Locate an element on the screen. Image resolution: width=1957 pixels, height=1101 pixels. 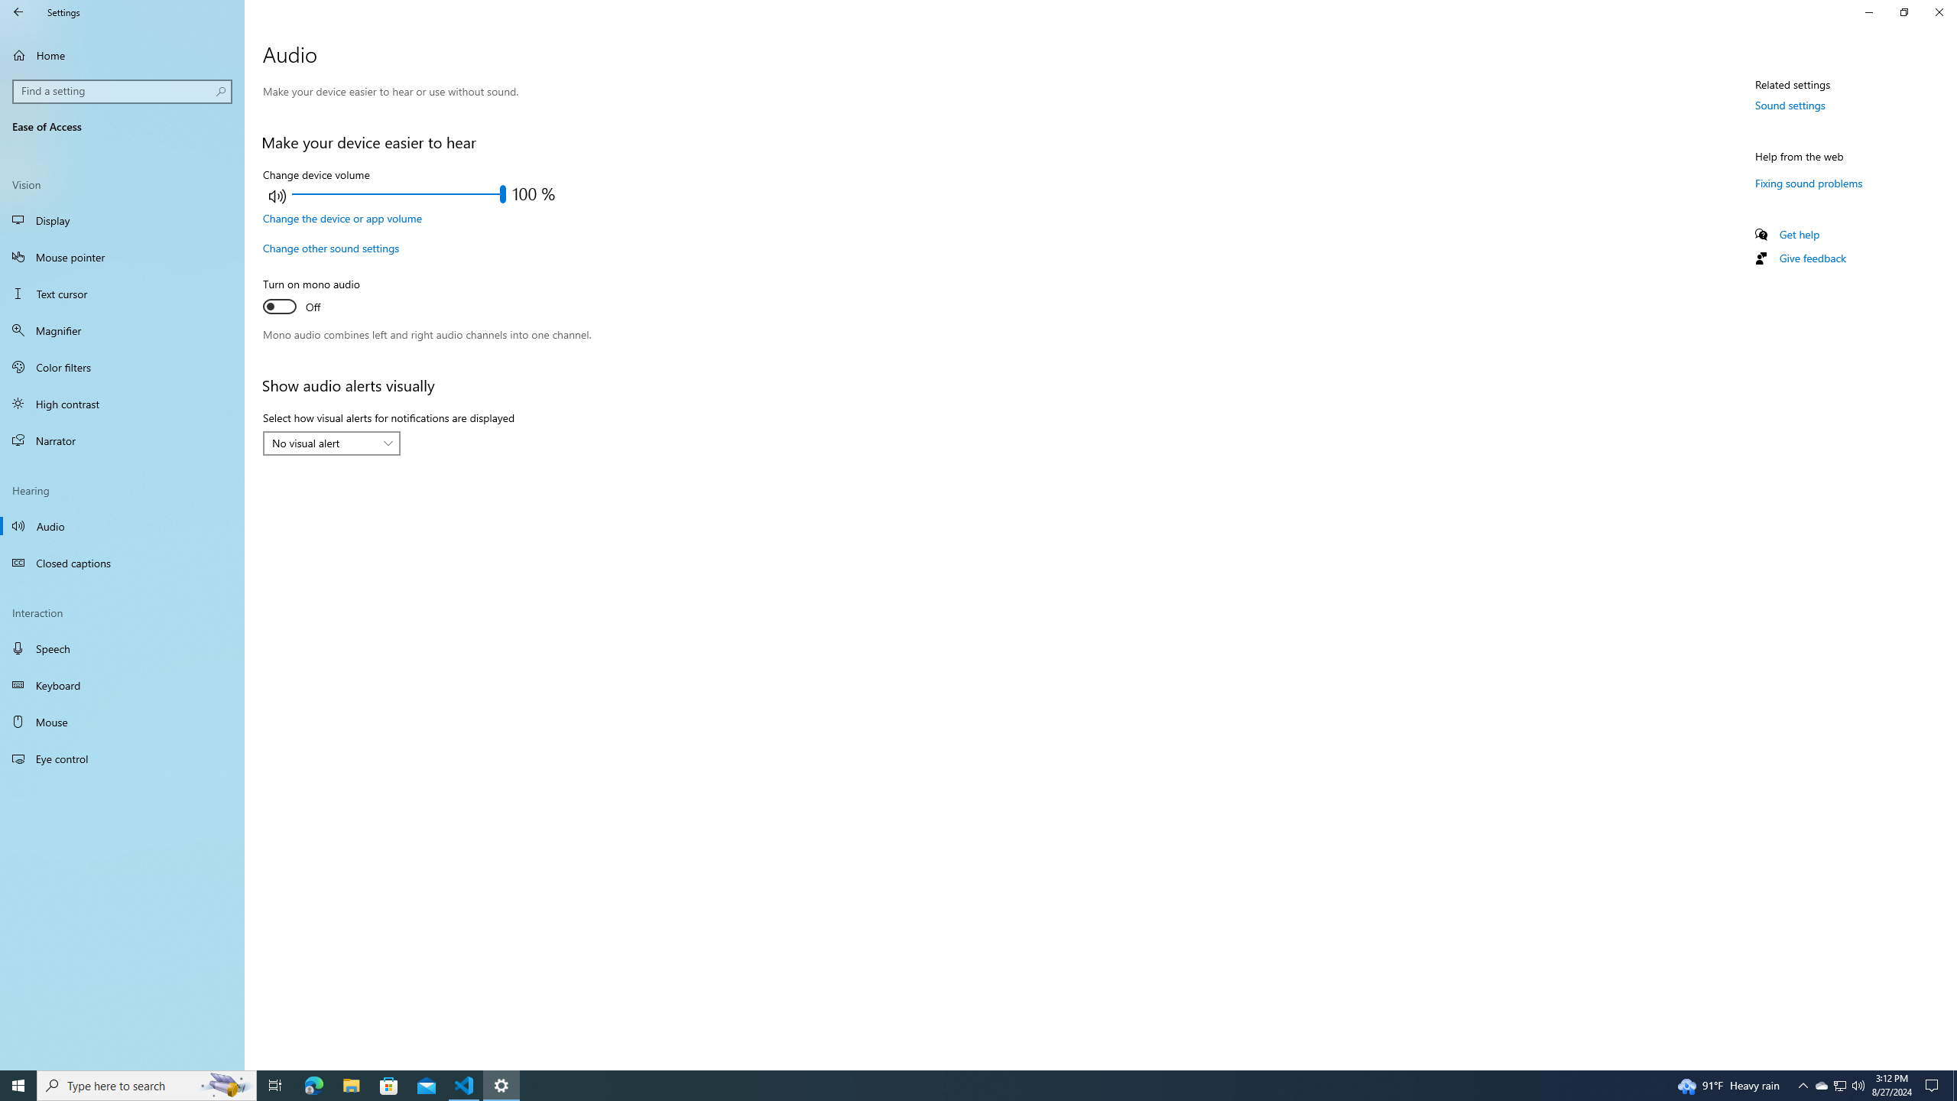
'High contrast' is located at coordinates (122, 402).